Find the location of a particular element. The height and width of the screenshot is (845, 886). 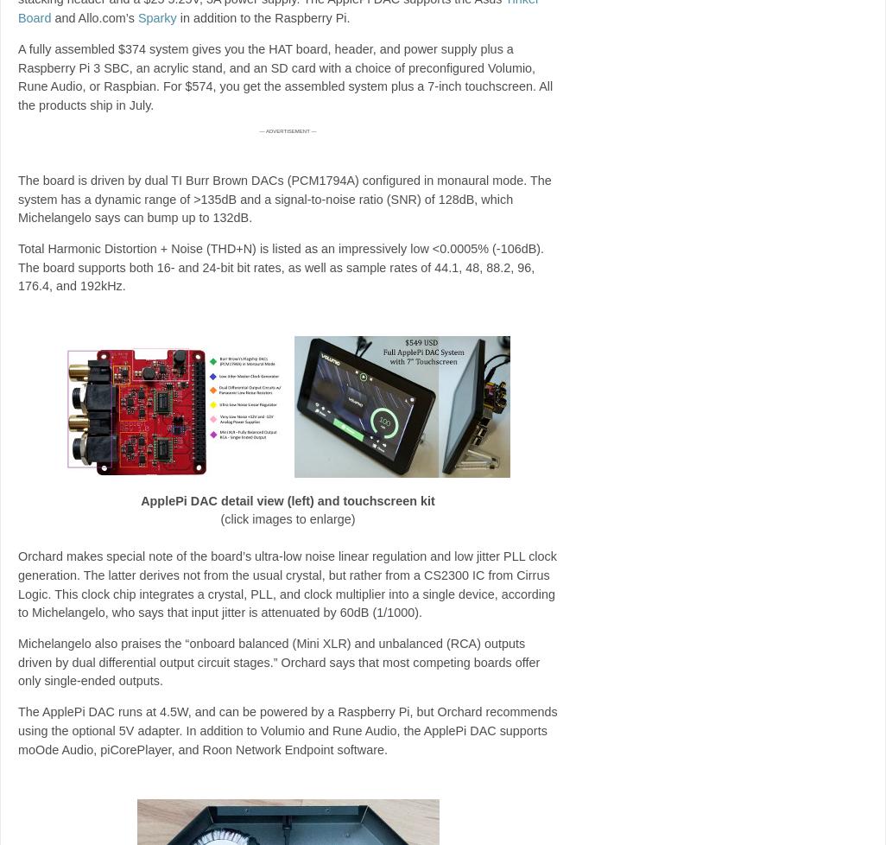

'(click images to enlarge)' is located at coordinates (288, 518).